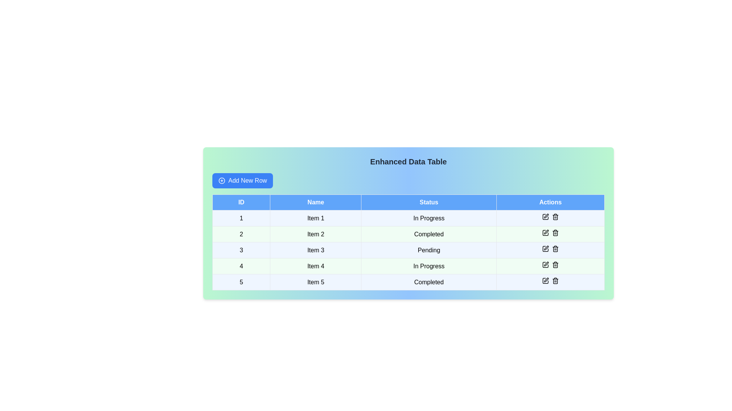  I want to click on the 'Edit' icon button, represented by a pen symbol, located in the last row of the data table within the 'Actions' column to initiate an edit action, so click(546, 280).